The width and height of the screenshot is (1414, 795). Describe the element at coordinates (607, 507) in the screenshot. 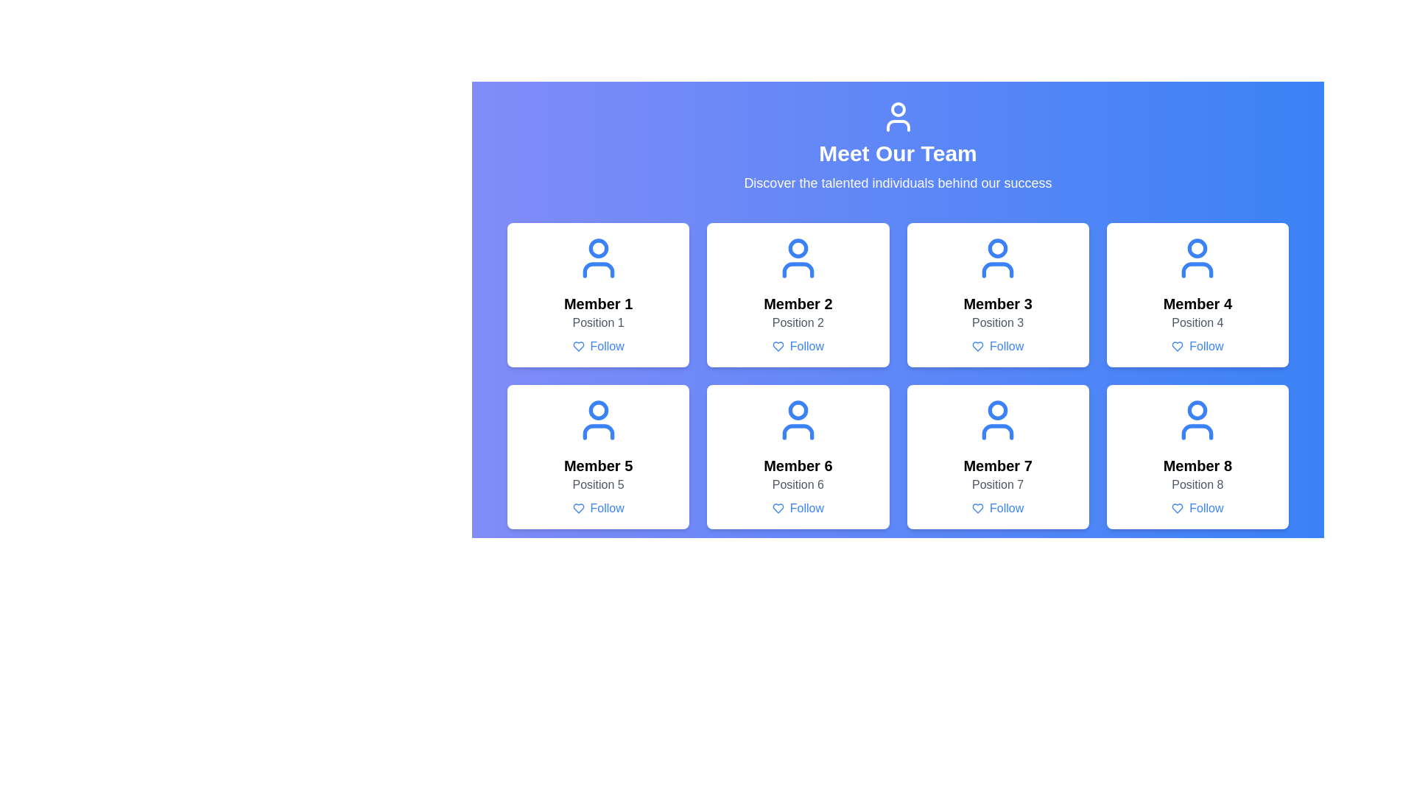

I see `text element labeled 'Follow' located below the name and position of 'Member 5', beside a heart icon` at that location.